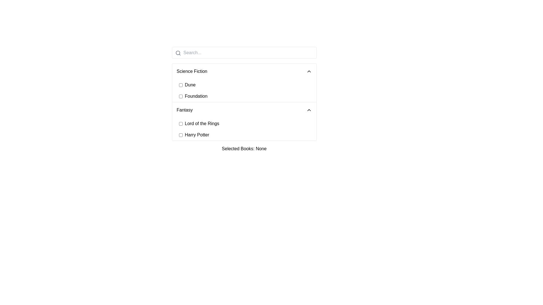  What do you see at coordinates (244, 110) in the screenshot?
I see `the toggle button labeled 'Fantasy'` at bounding box center [244, 110].